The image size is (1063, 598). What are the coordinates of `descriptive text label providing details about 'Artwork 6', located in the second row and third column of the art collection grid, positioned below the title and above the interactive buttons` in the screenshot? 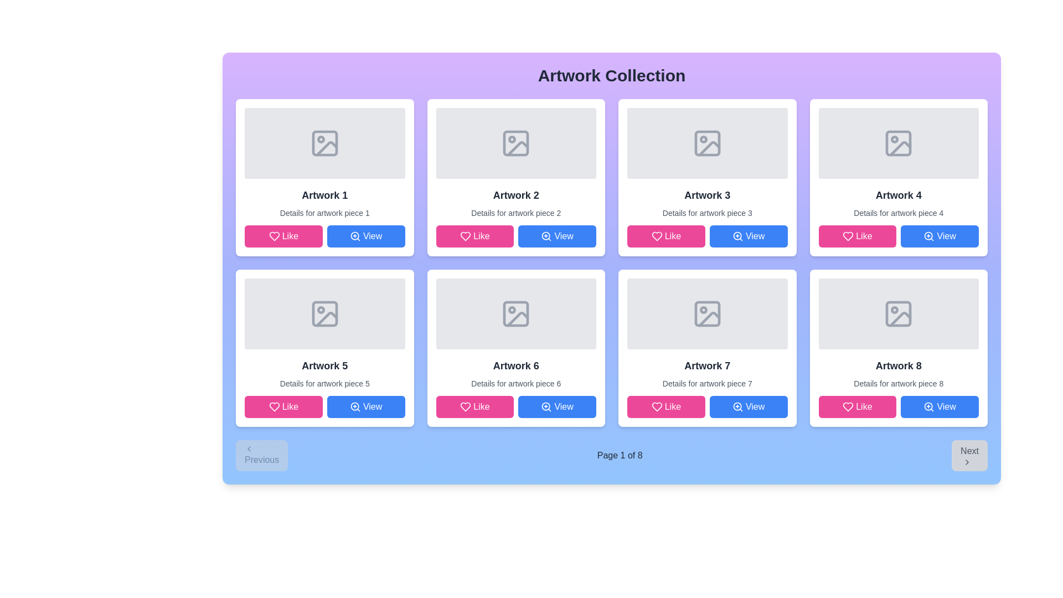 It's located at (515, 383).